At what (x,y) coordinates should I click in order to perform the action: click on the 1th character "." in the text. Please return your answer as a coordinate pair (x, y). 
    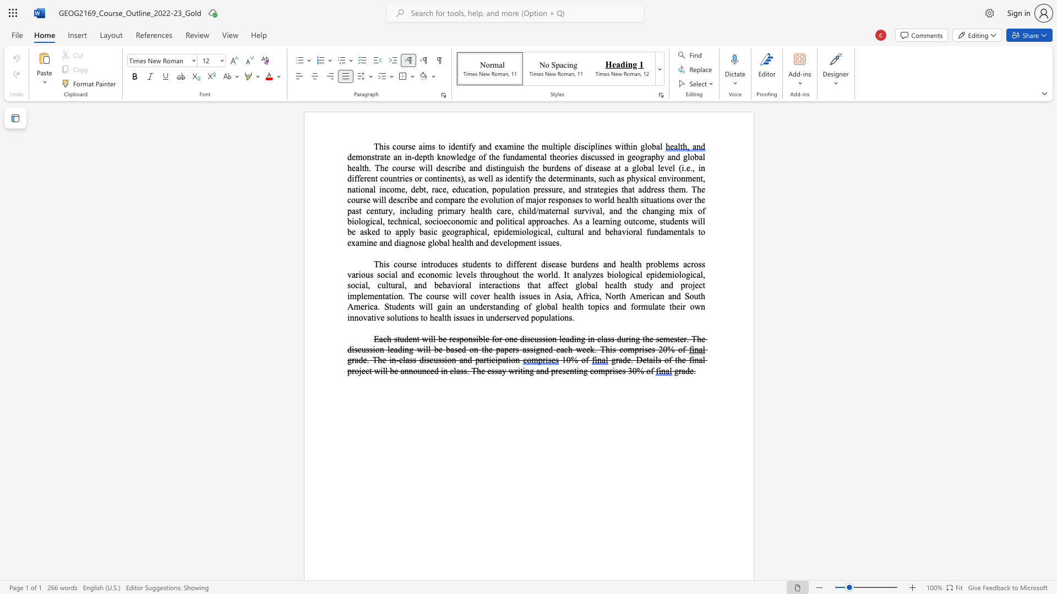
    Looking at the image, I should click on (568, 221).